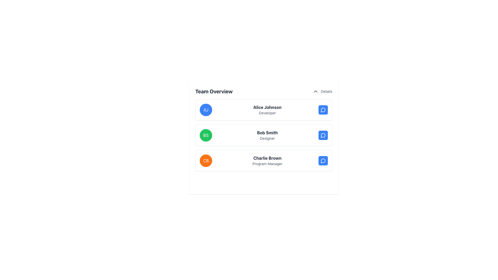 This screenshot has width=498, height=280. I want to click on text element serving as a descriptor for 'Bob Smith', located directly below the bold text 'Bob Smith' and aligned with the green circular avatar labeled 'BS', so click(267, 138).